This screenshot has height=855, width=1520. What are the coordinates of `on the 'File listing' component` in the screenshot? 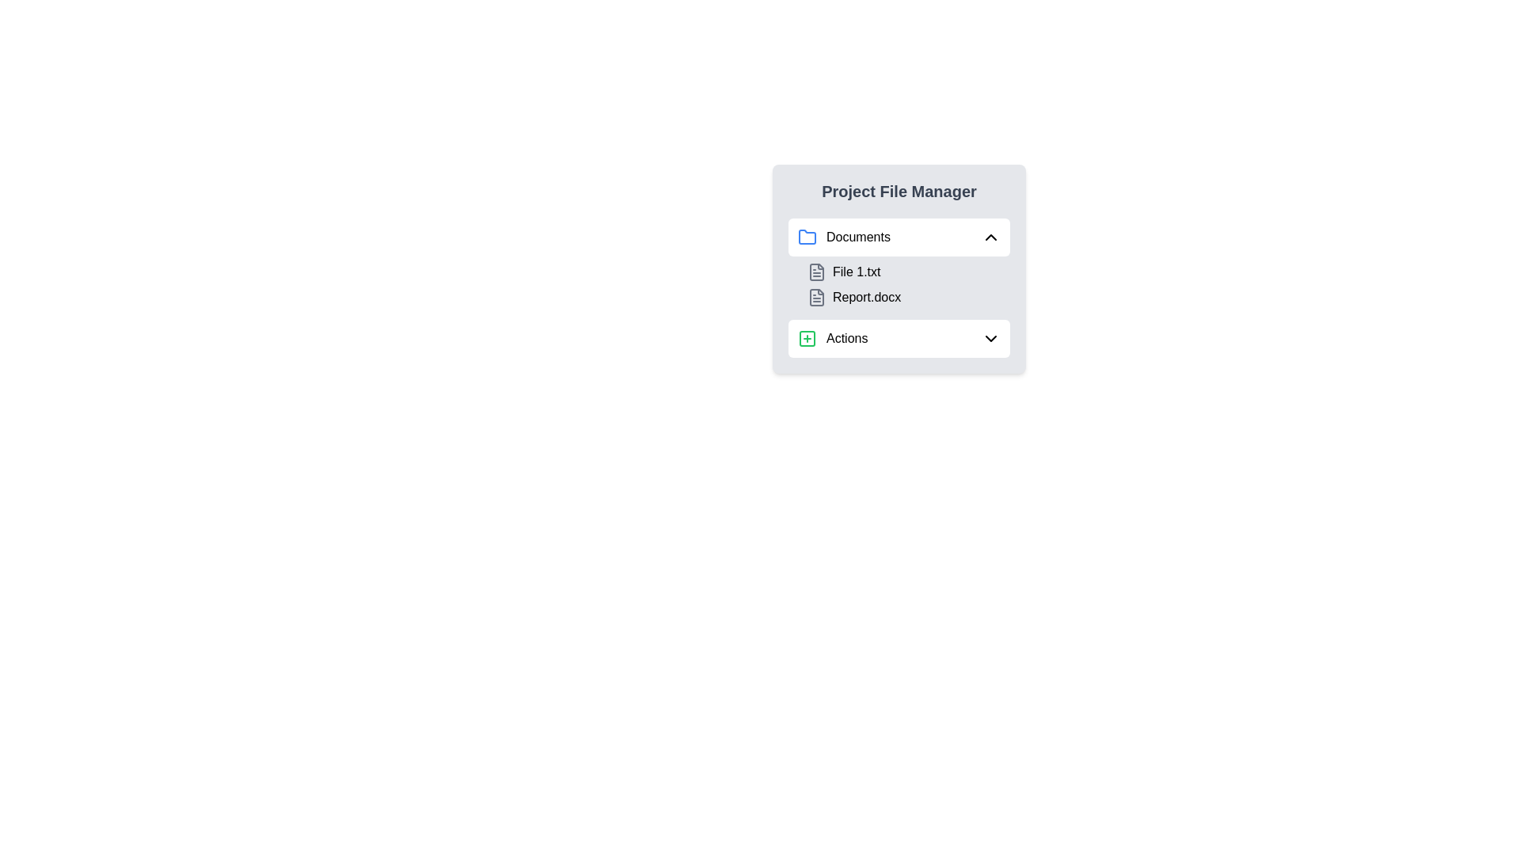 It's located at (899, 287).